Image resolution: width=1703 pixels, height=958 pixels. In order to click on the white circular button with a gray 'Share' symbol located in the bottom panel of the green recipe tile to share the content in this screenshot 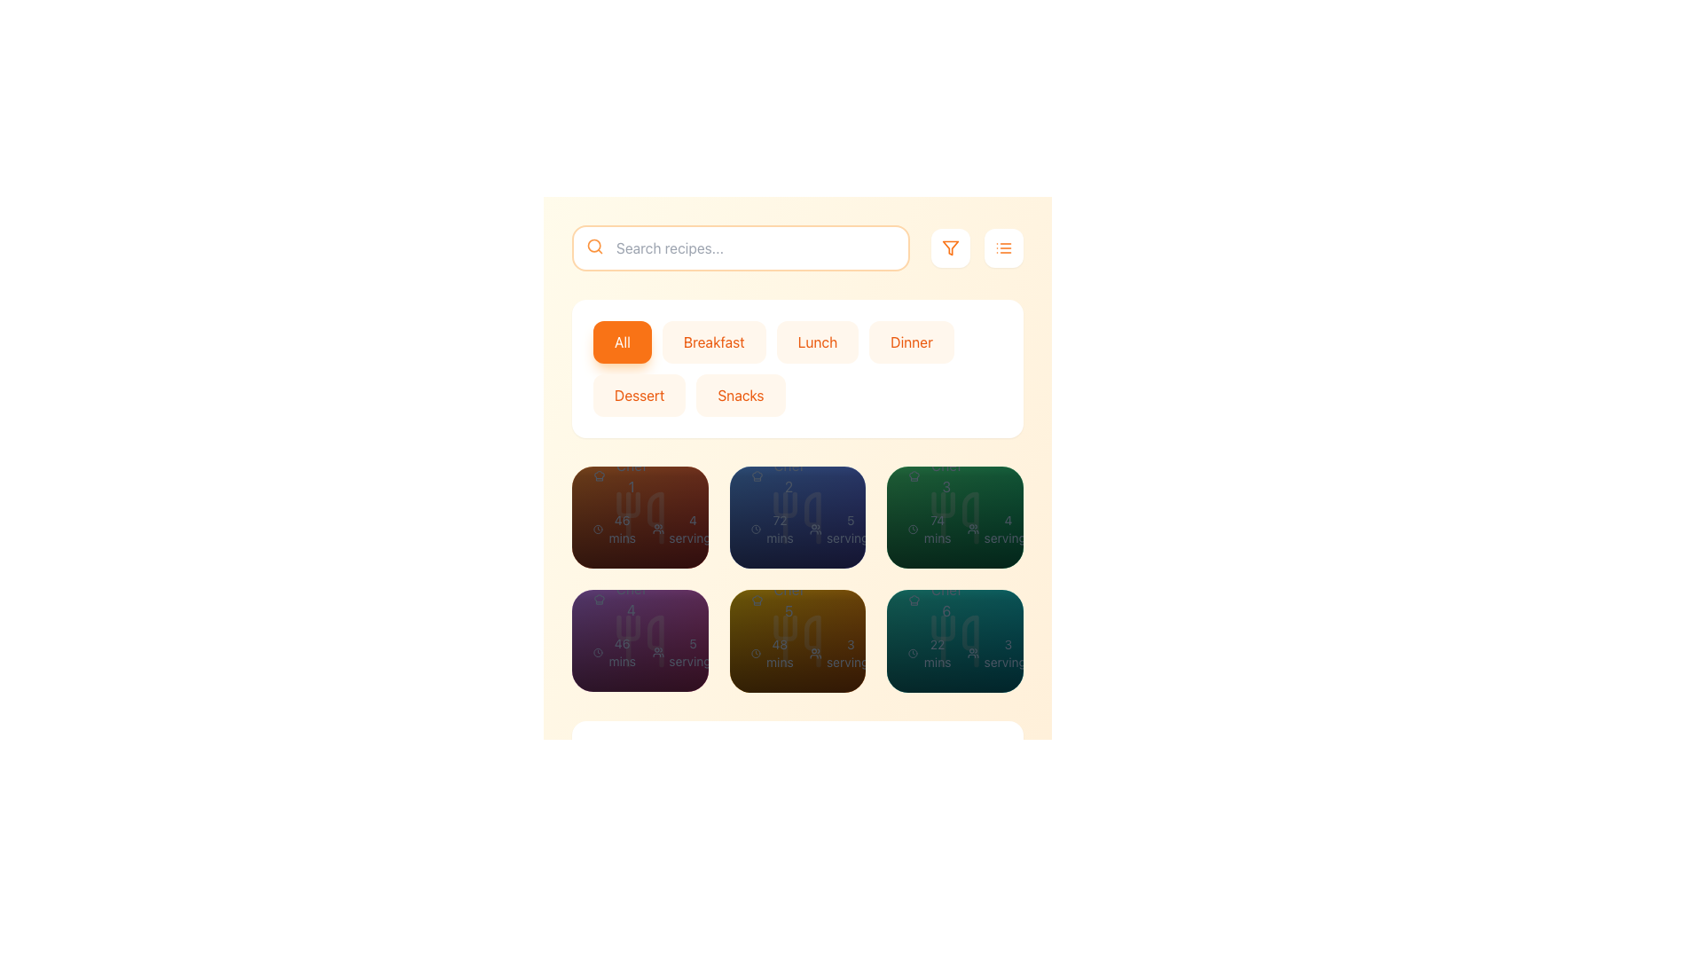, I will do `click(1008, 517)`.